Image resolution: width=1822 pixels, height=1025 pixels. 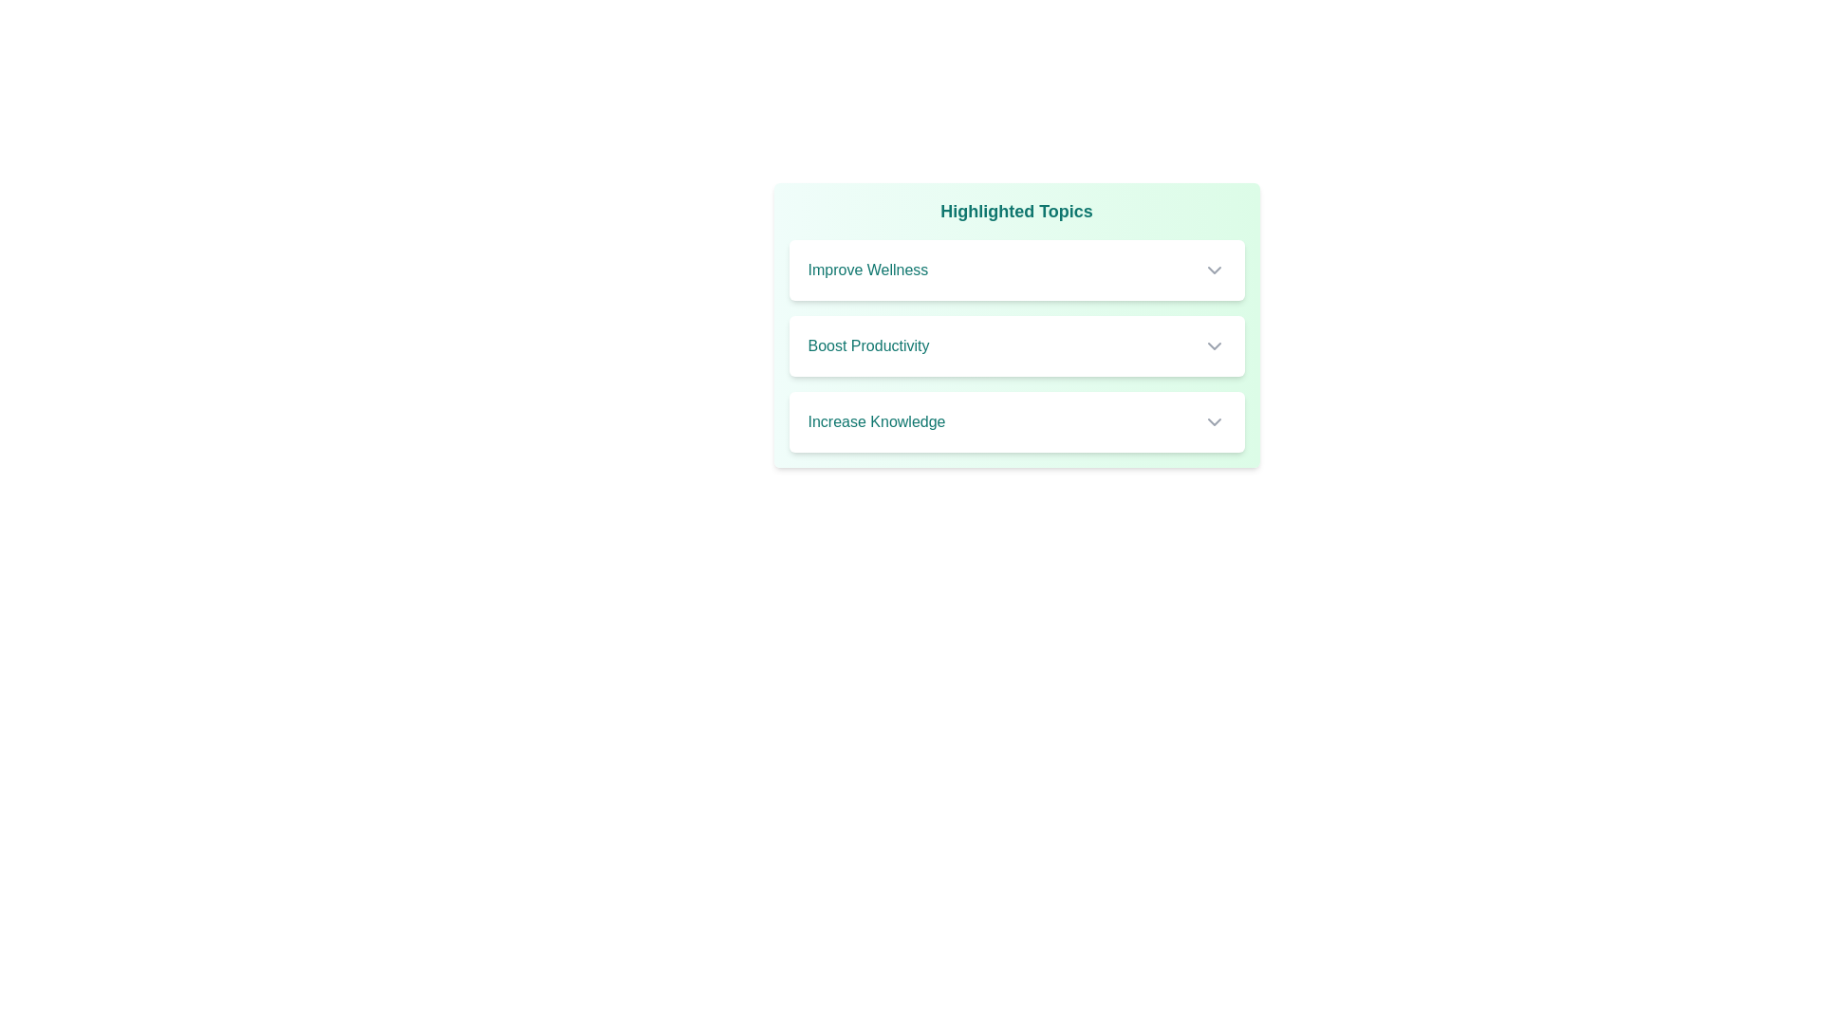 I want to click on the 'Improve Wellness' text label, which is a medium-sized, teal-colored font and the first item in a vertical list within the 'Highlighted Topics' section, so click(x=866, y=270).